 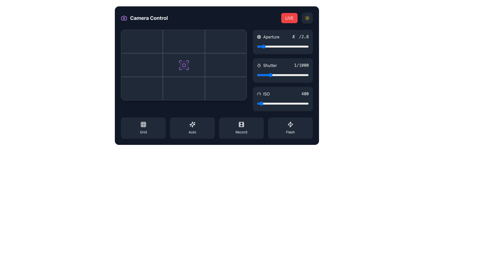 What do you see at coordinates (241, 132) in the screenshot?
I see `the text label that indicates the Record feature, located at the bottom of a grid-based control layout and part of the third button from the left in a row of four buttons` at bounding box center [241, 132].